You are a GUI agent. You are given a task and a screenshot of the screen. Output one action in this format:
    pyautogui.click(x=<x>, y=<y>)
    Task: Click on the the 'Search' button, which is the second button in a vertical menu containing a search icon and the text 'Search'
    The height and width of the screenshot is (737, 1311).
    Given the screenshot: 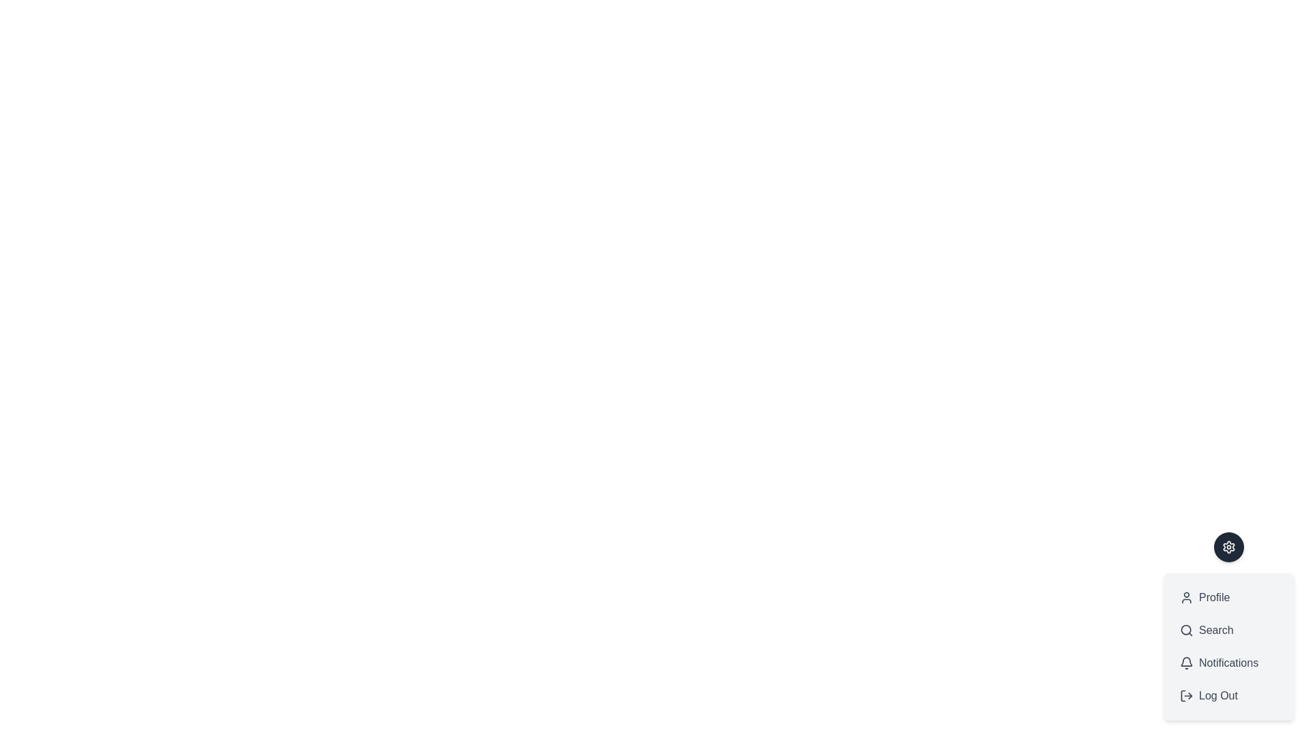 What is the action you would take?
    pyautogui.click(x=1229, y=631)
    